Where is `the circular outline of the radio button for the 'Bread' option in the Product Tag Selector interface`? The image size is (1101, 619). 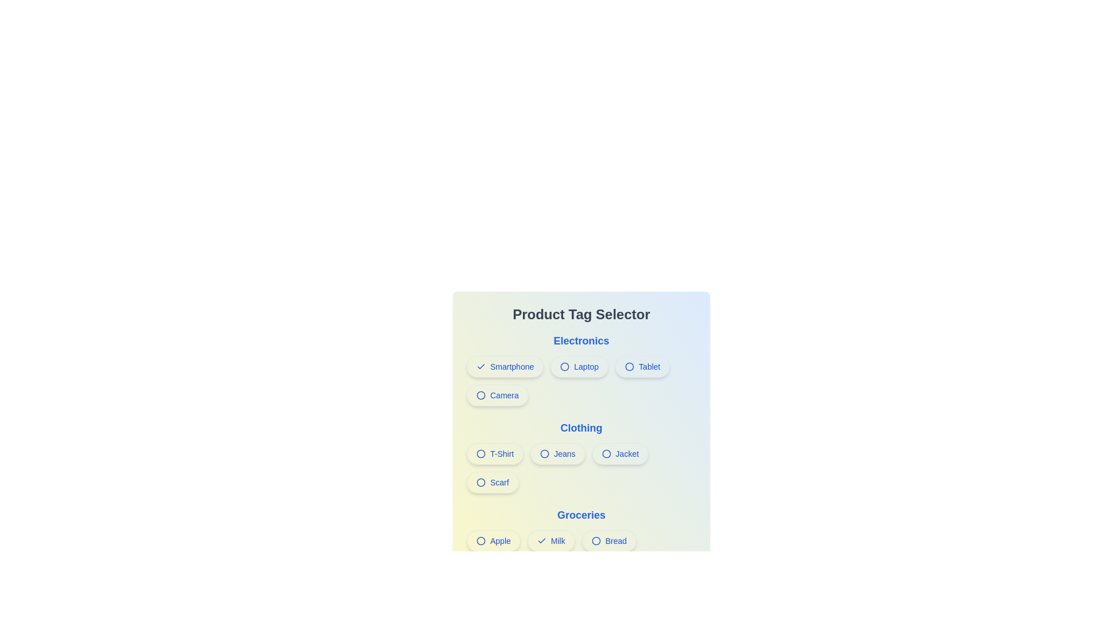
the circular outline of the radio button for the 'Bread' option in the Product Tag Selector interface is located at coordinates (596, 541).